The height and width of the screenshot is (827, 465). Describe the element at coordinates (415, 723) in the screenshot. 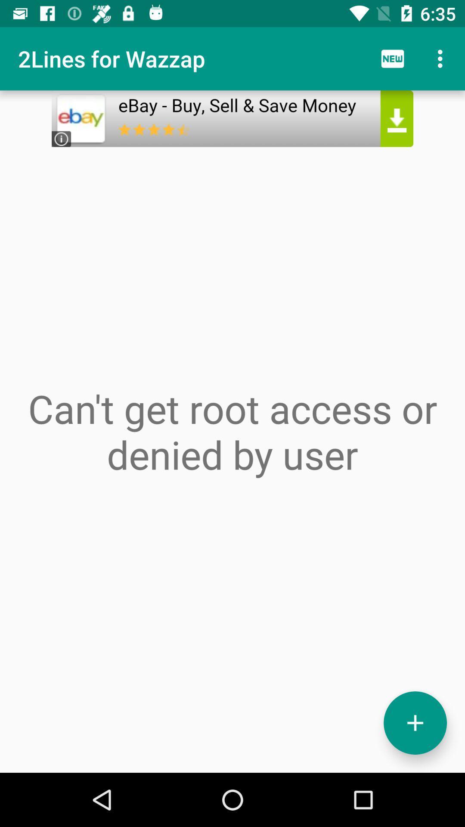

I see `item at the bottom right corner` at that location.